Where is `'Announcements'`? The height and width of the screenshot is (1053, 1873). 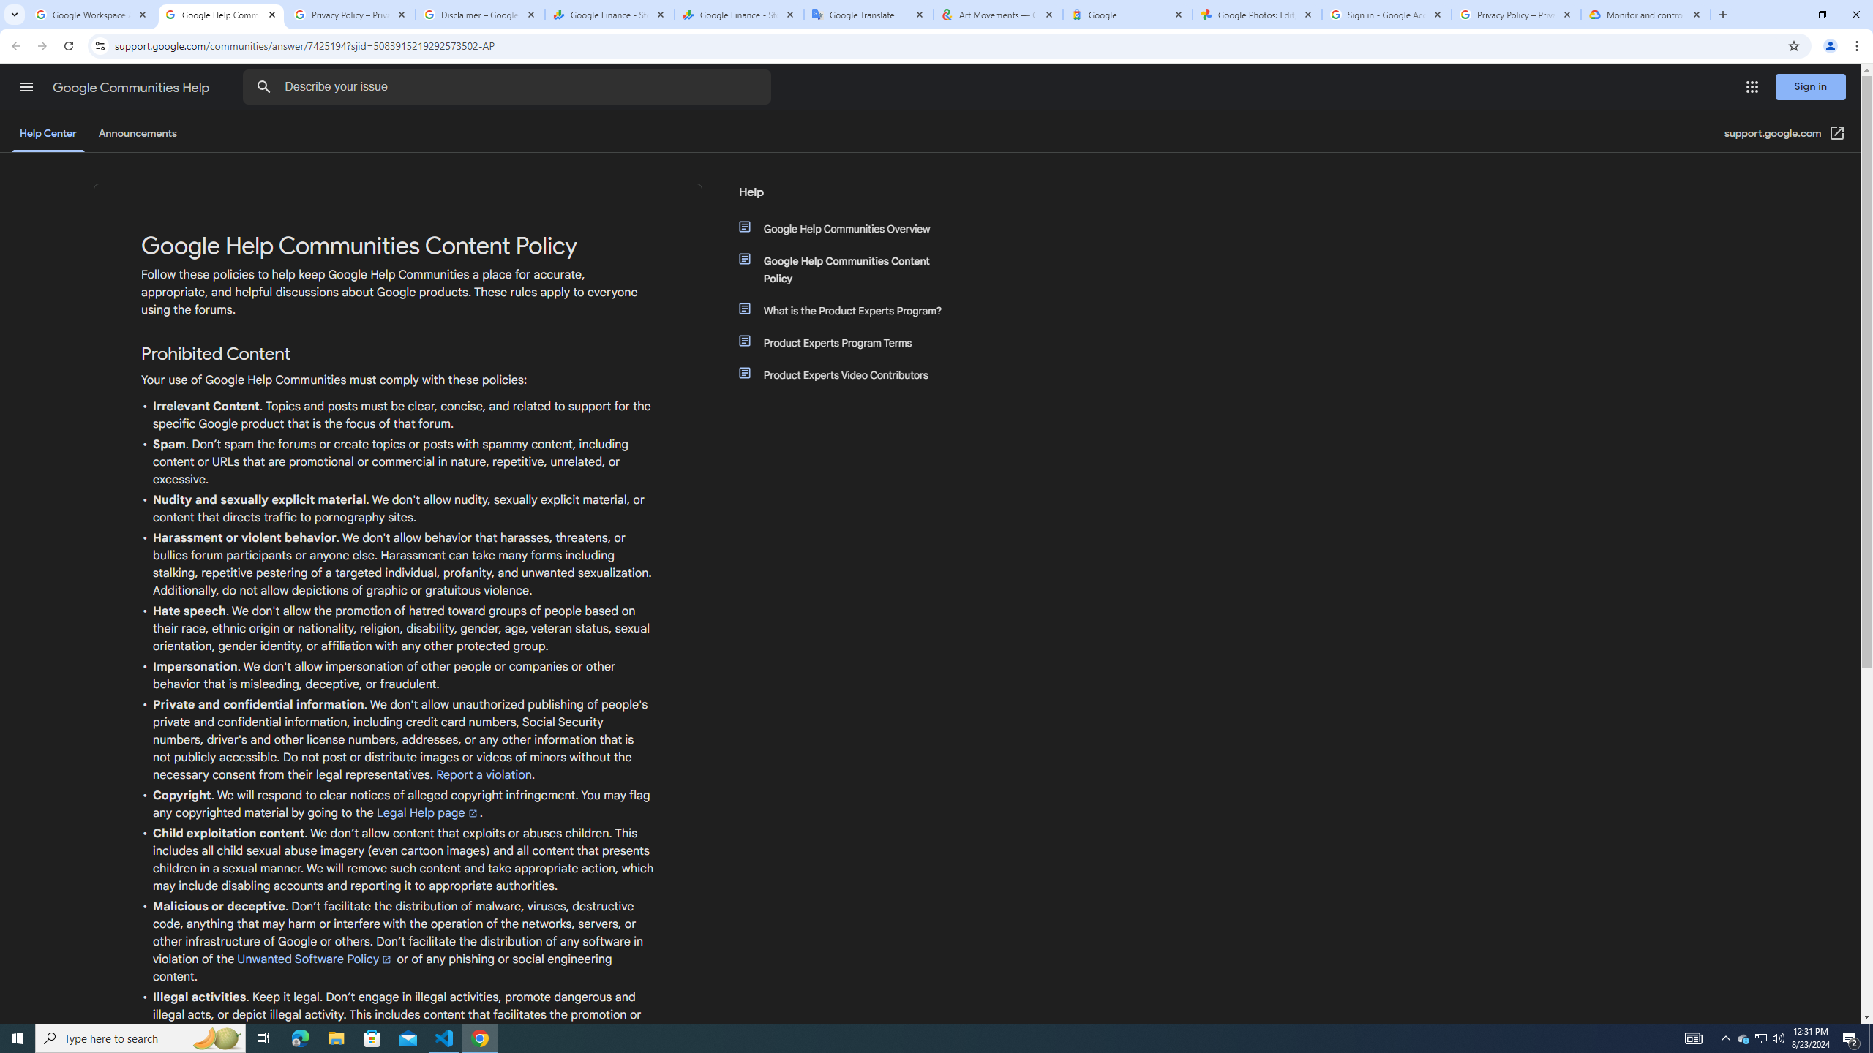
'Announcements' is located at coordinates (137, 132).